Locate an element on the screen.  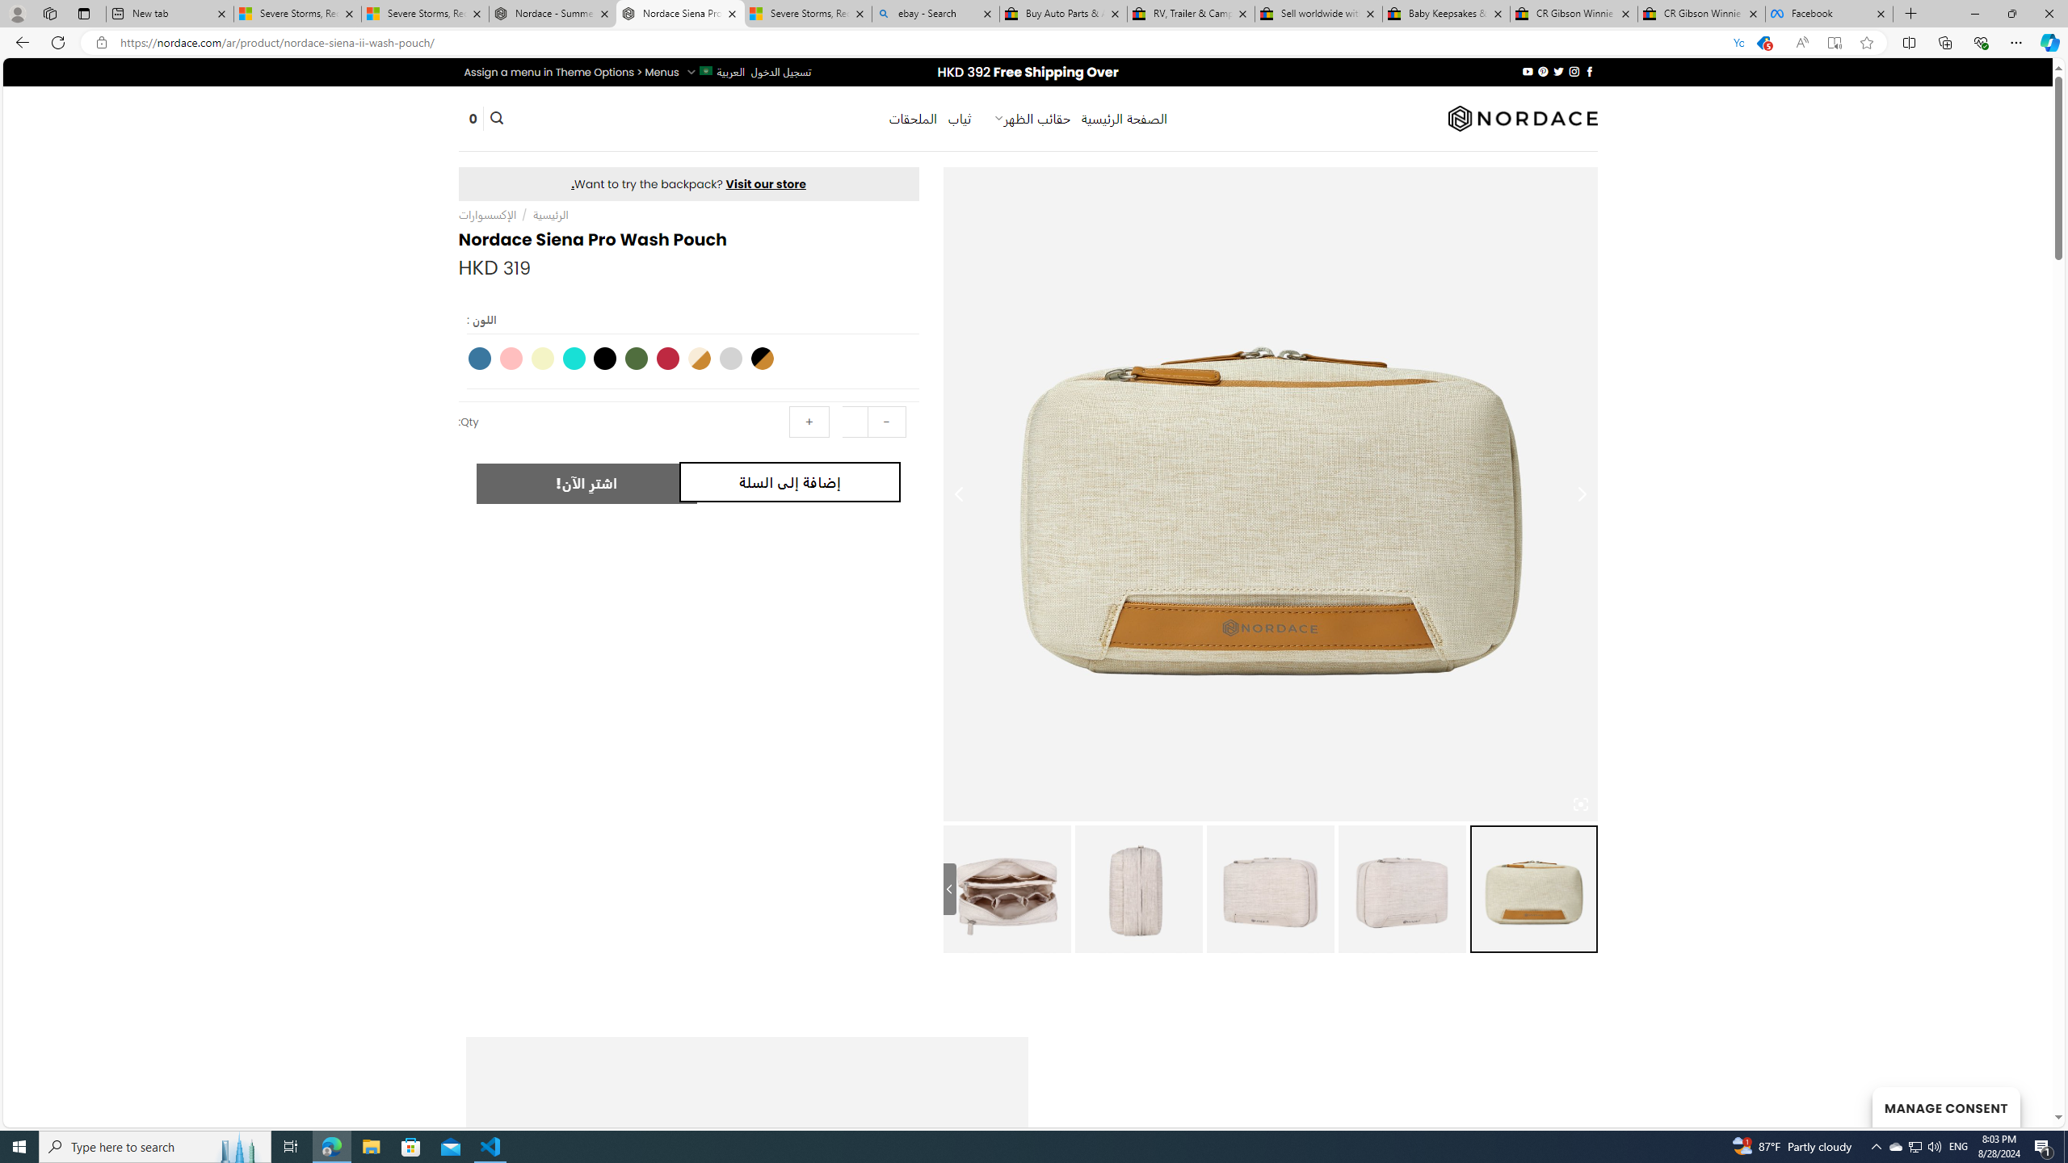
'Enter Immersive Reader (F9)' is located at coordinates (1834, 43).